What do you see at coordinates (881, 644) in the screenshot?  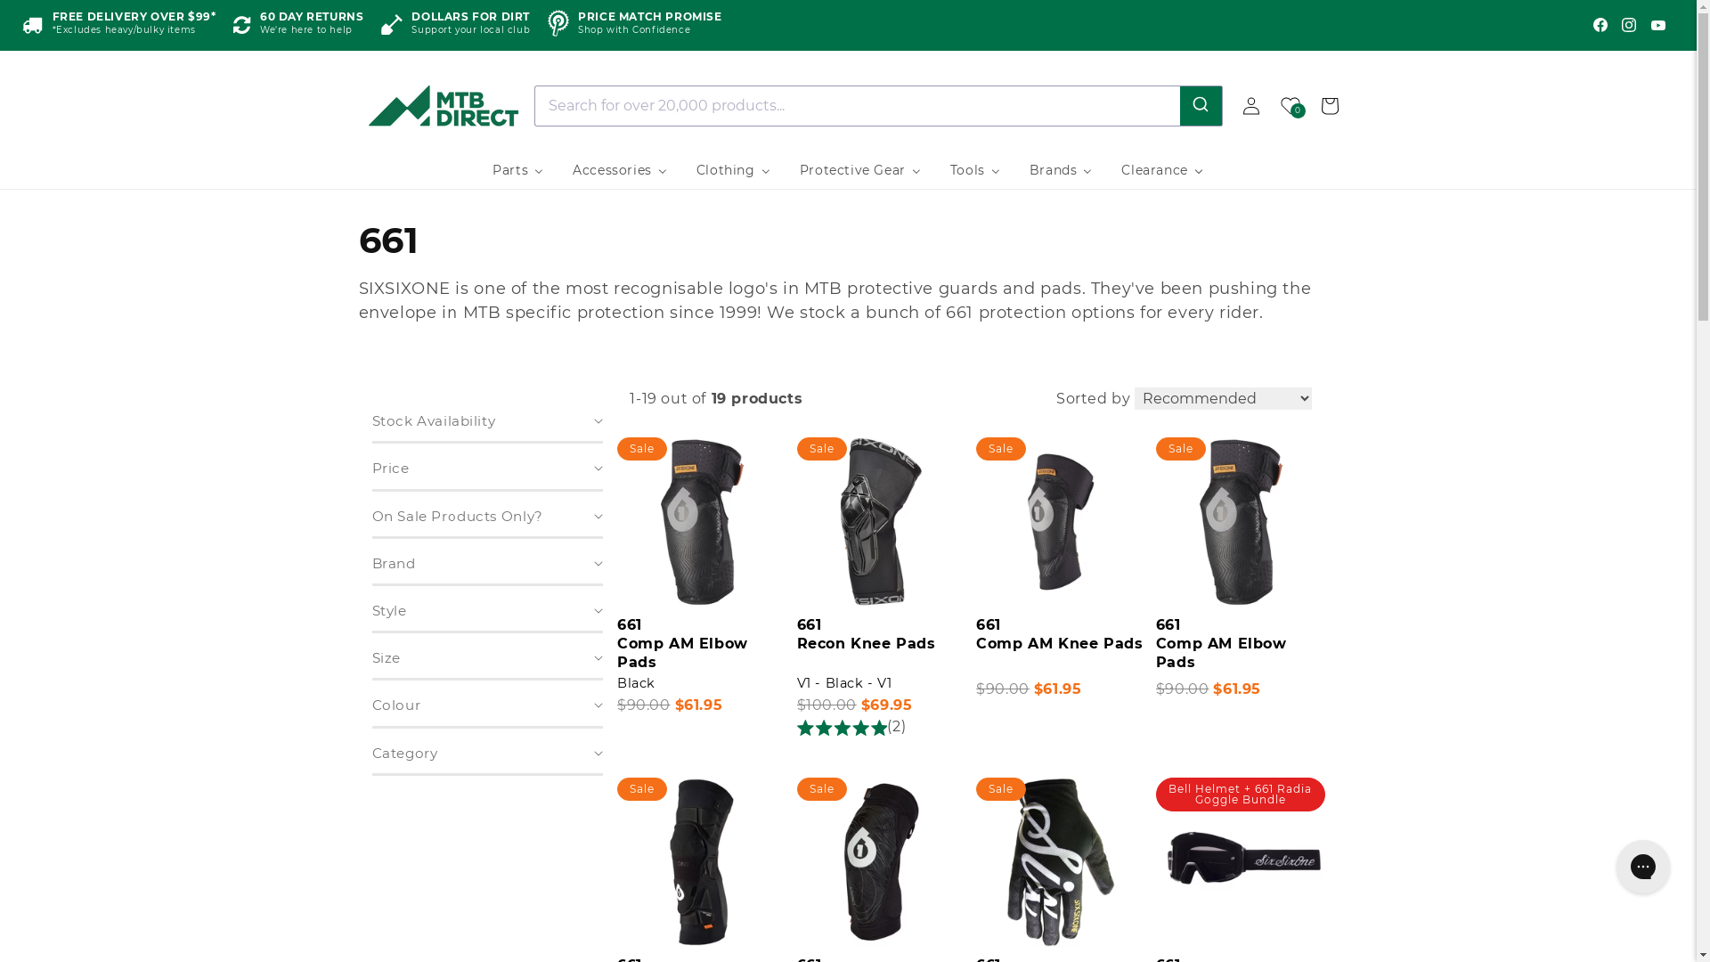 I see `'661` at bounding box center [881, 644].